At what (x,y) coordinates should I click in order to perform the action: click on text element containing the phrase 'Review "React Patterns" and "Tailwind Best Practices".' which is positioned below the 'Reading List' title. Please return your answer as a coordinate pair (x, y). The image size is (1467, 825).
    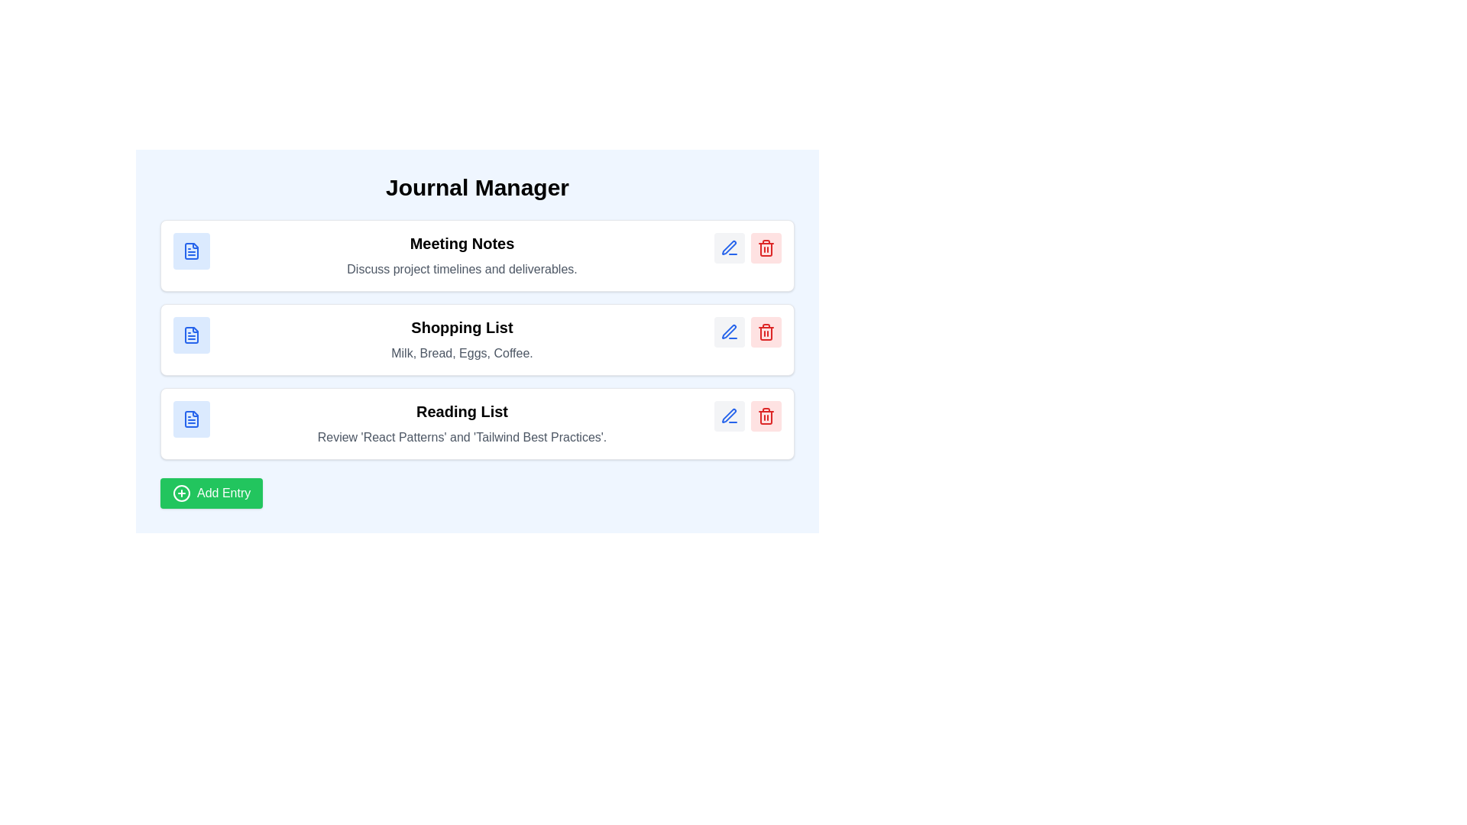
    Looking at the image, I should click on (461, 438).